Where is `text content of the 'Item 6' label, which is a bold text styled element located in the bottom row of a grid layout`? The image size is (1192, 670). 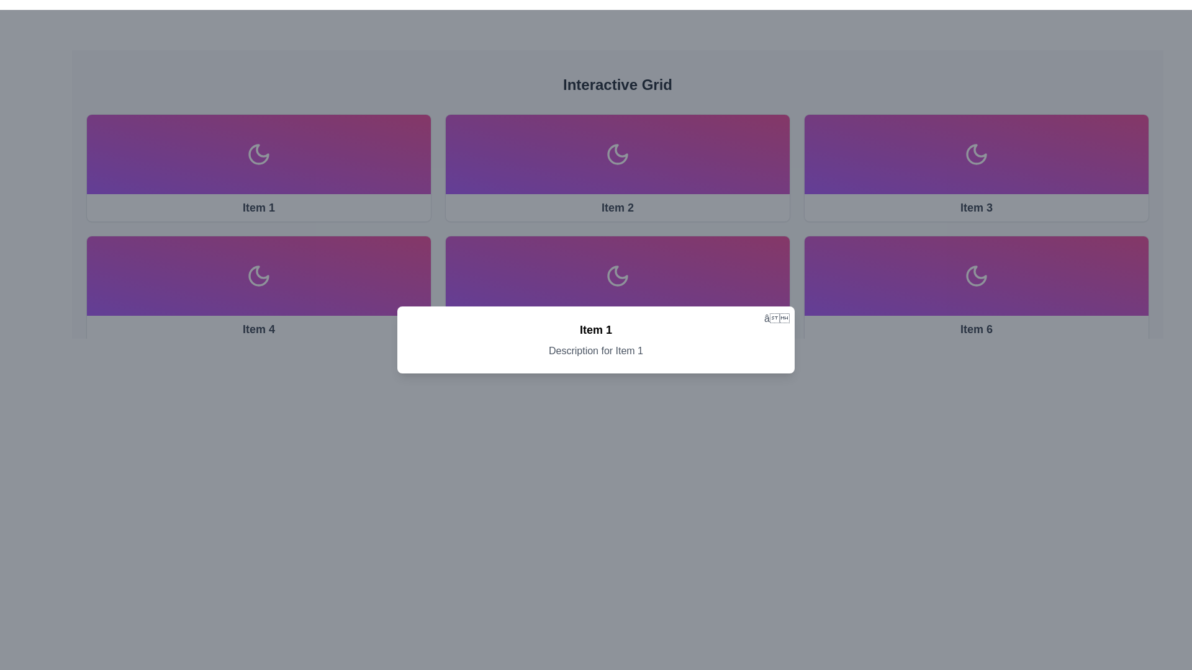 text content of the 'Item 6' label, which is a bold text styled element located in the bottom row of a grid layout is located at coordinates (976, 329).